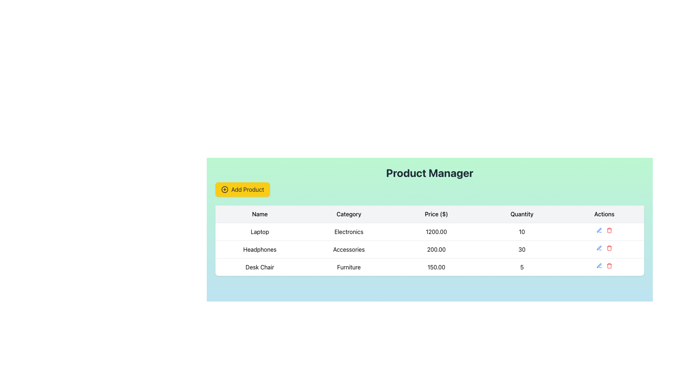 This screenshot has width=694, height=390. What do you see at coordinates (604, 214) in the screenshot?
I see `the Table Header Cell that indicates the purpose of the last column in the table, positioned as the fifth column from the left, adjacent to the 'Quantity' column` at bounding box center [604, 214].